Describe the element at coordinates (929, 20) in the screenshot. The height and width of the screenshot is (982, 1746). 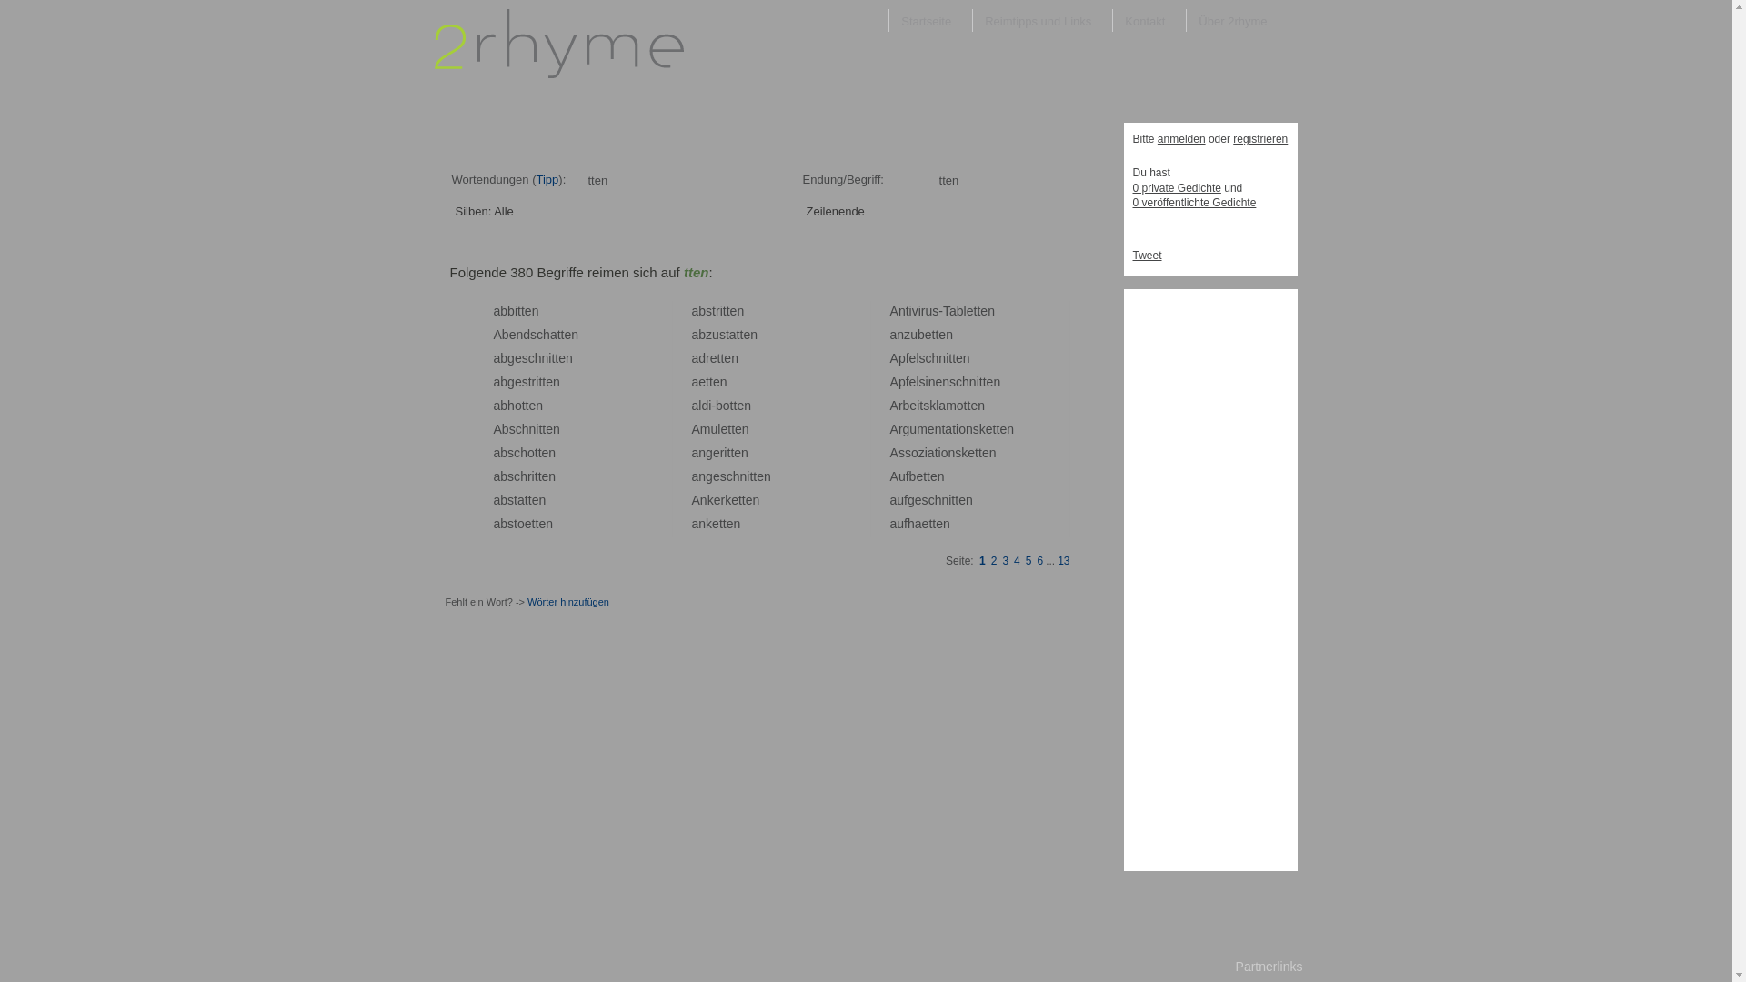
I see `'Startseite'` at that location.